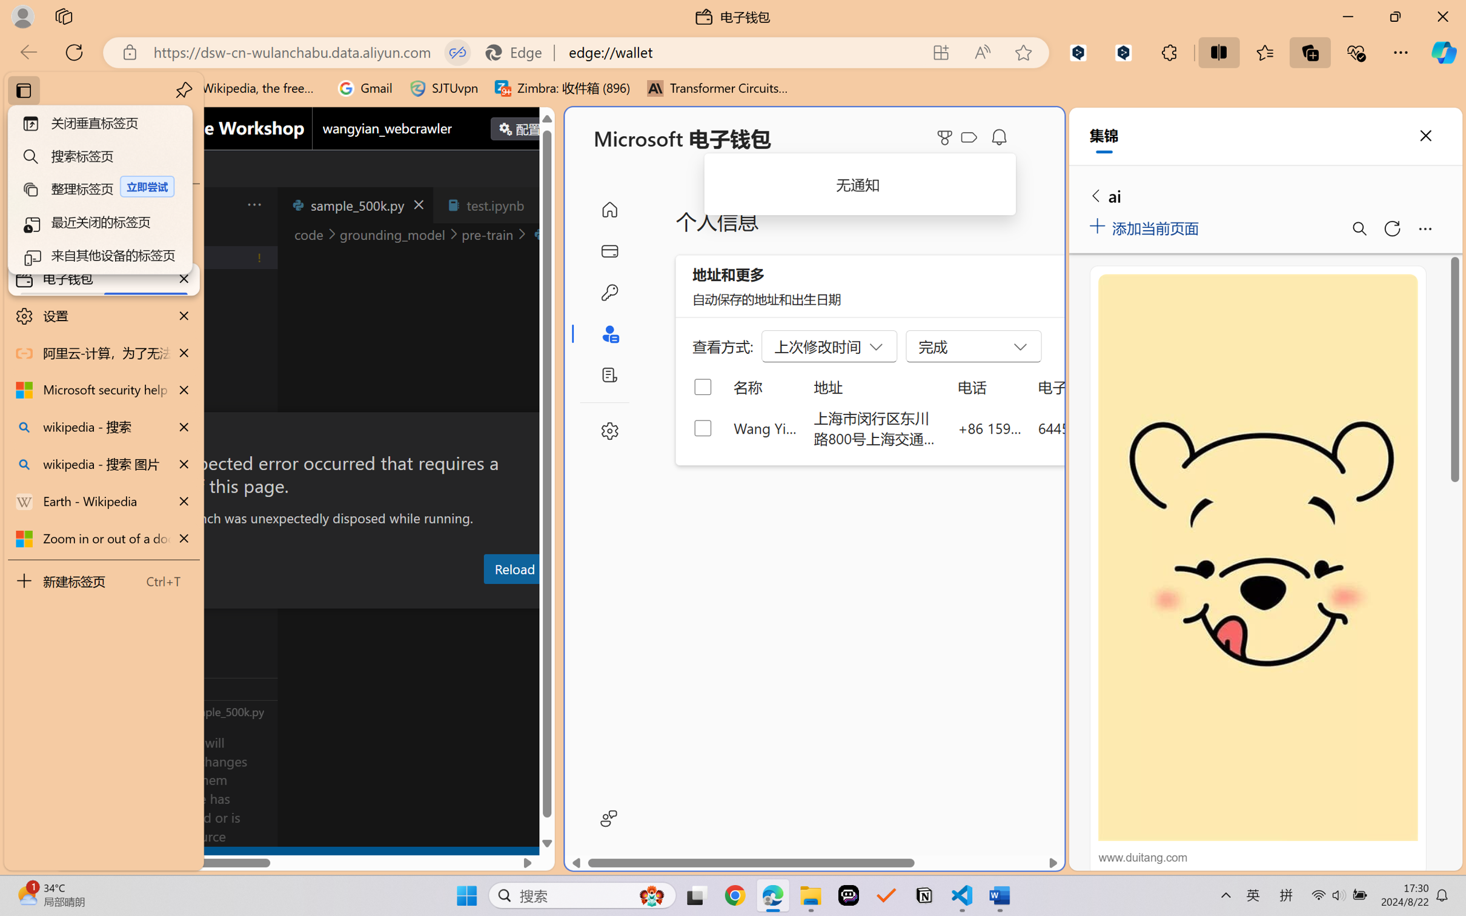  I want to click on 'Debug Console (Ctrl+Shift+Y)', so click(489, 597).